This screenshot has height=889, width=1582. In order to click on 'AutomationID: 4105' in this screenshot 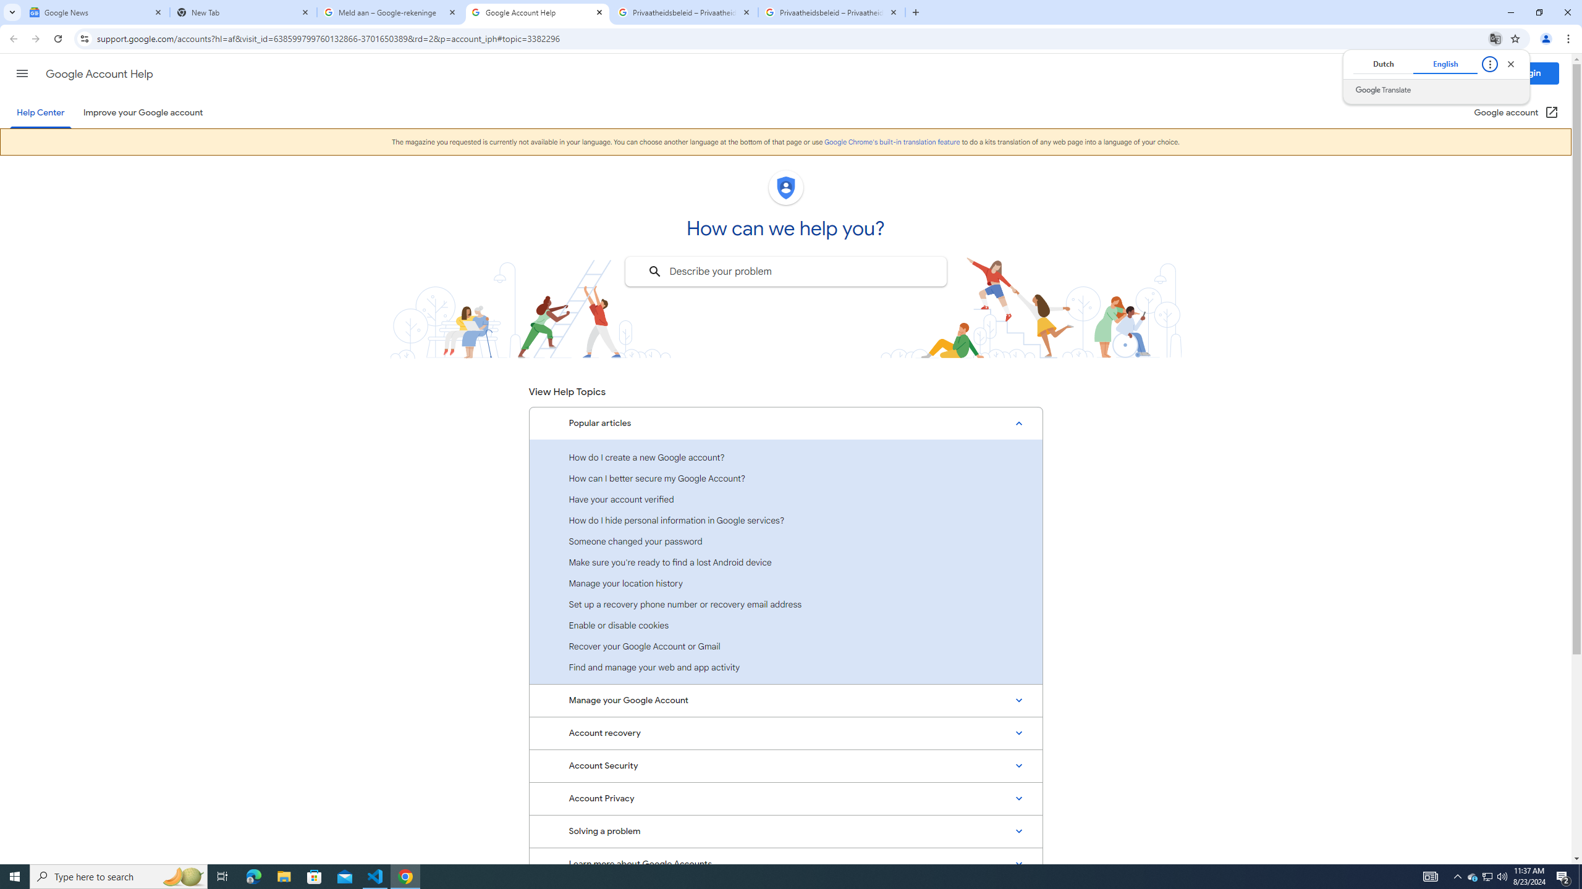, I will do `click(1431, 875)`.